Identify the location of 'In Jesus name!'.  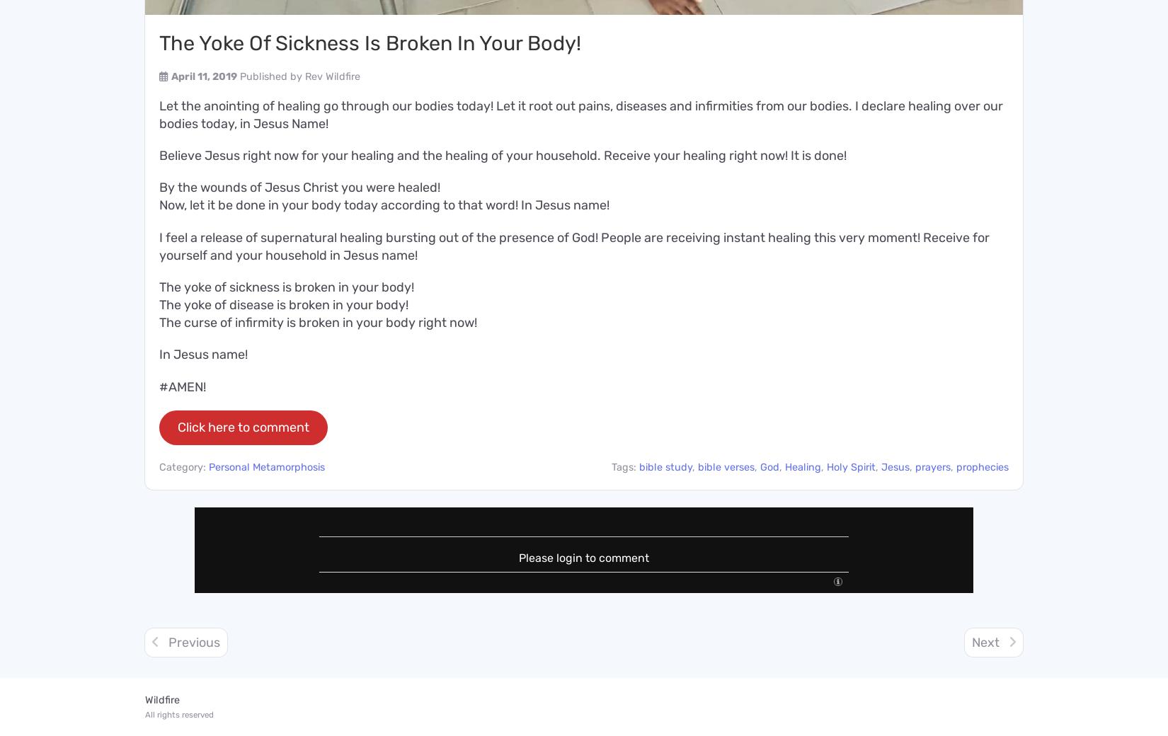
(203, 354).